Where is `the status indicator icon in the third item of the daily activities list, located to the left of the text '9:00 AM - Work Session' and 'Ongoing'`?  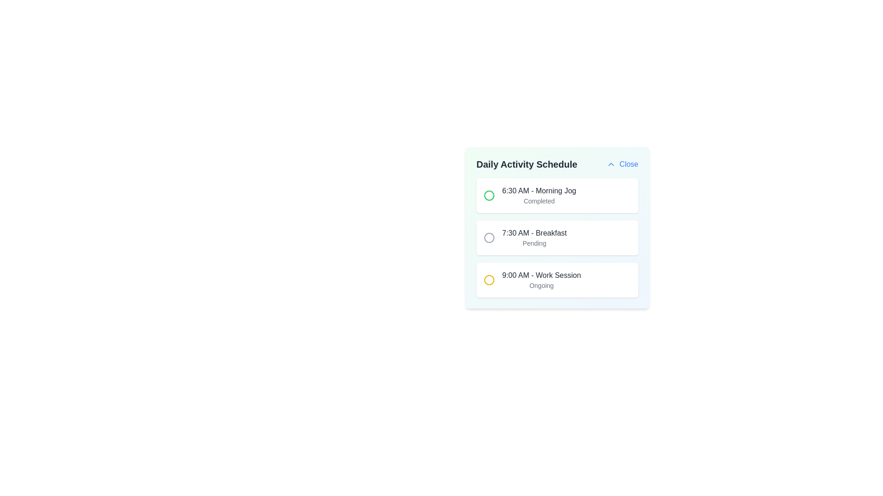 the status indicator icon in the third item of the daily activities list, located to the left of the text '9:00 AM - Work Session' and 'Ongoing' is located at coordinates (489, 279).